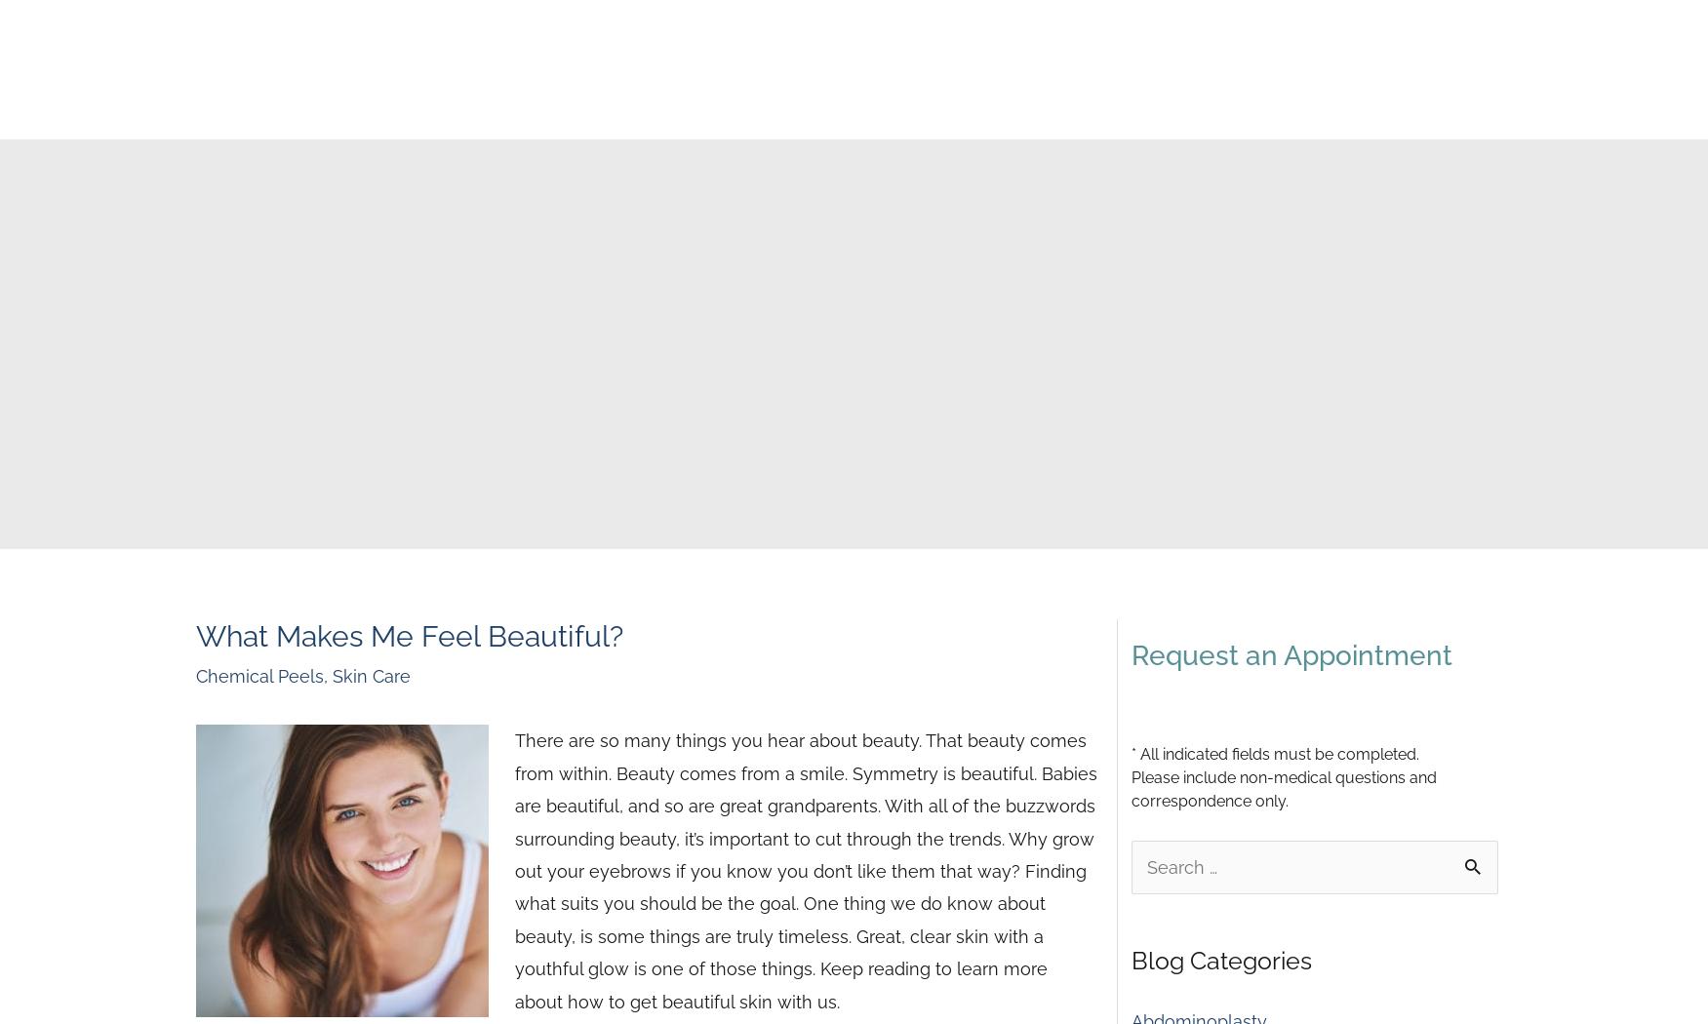 The width and height of the screenshot is (1708, 1024). Describe the element at coordinates (1176, 719) in the screenshot. I see `'March 2010'` at that location.